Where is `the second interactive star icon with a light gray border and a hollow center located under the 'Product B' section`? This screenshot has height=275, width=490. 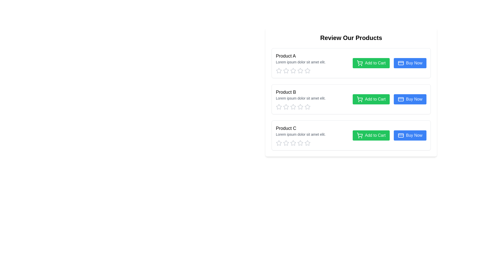
the second interactive star icon with a light gray border and a hollow center located under the 'Product B' section is located at coordinates (300, 106).